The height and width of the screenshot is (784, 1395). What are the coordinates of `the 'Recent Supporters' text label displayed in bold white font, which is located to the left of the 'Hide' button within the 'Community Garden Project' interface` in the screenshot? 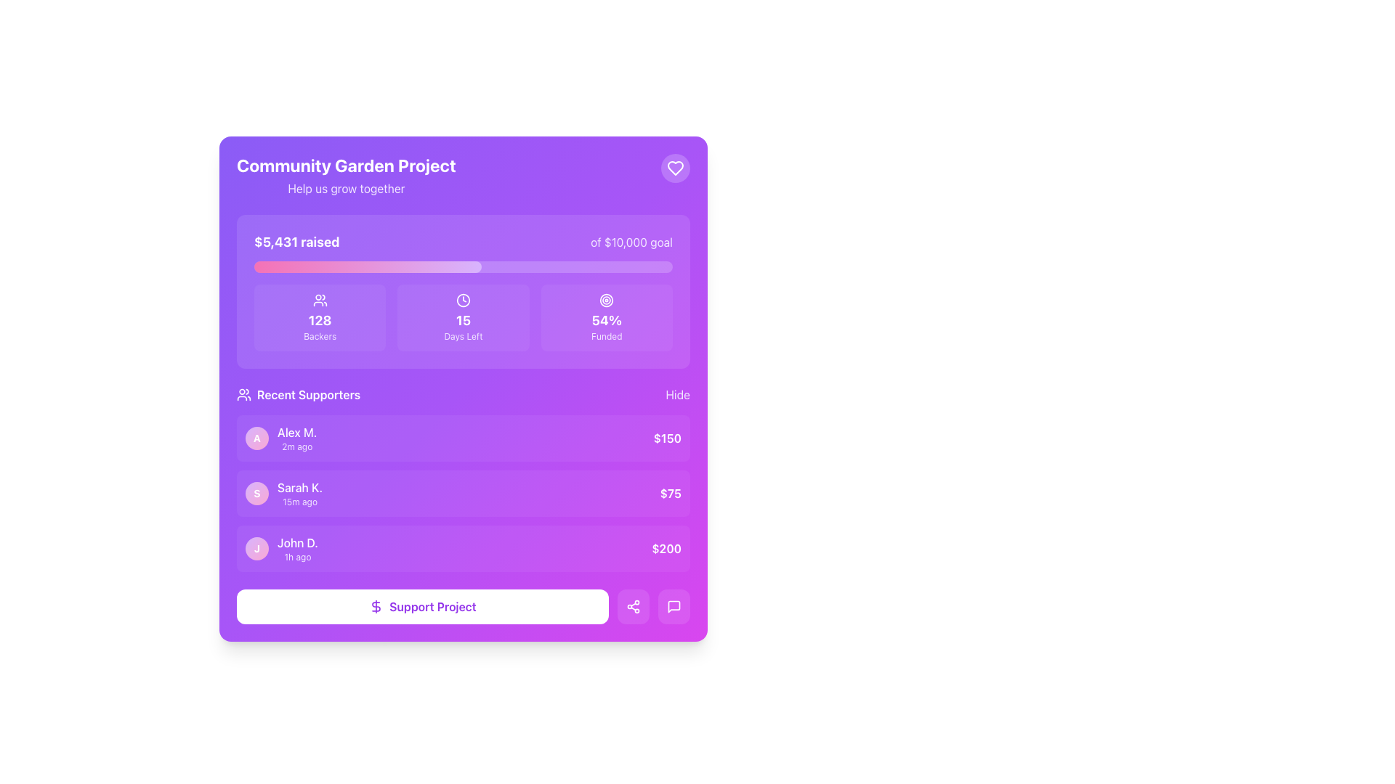 It's located at (298, 394).